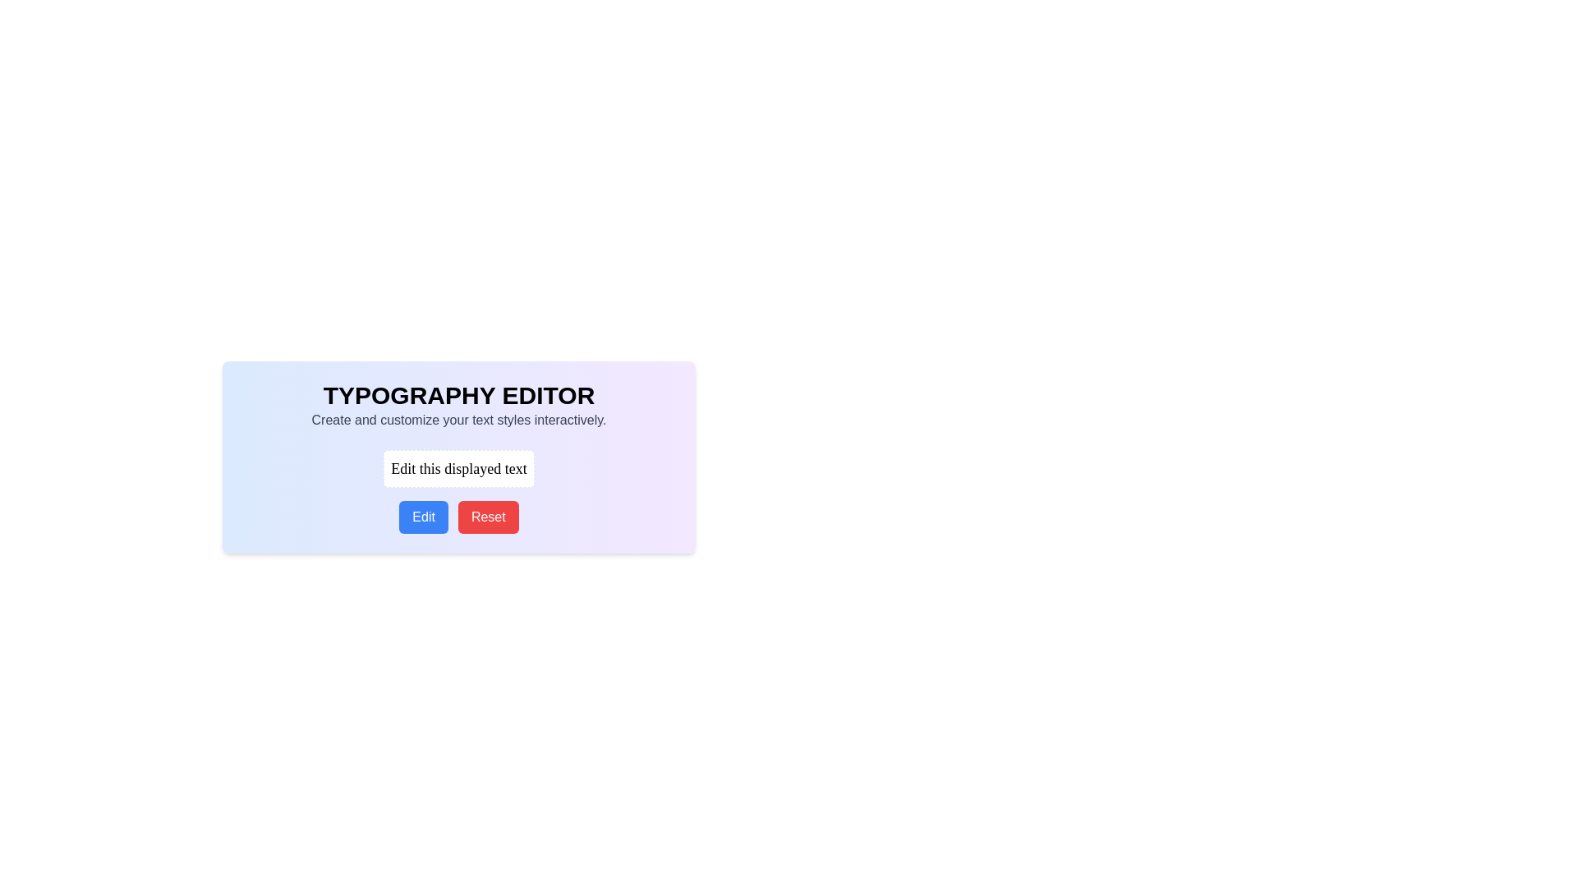 Image resolution: width=1577 pixels, height=887 pixels. Describe the element at coordinates (424, 516) in the screenshot. I see `the rectangular blue button with rounded corners labeled 'Edit'` at that location.